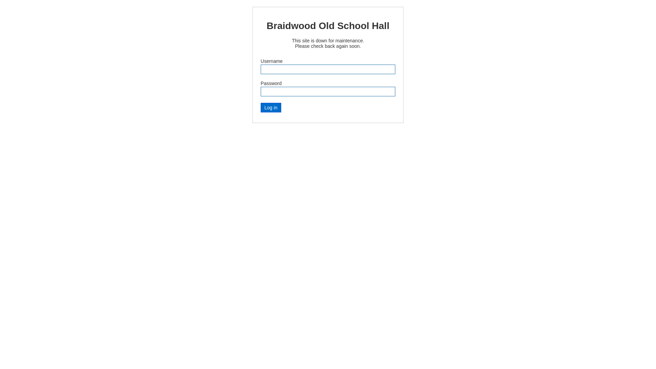  What do you see at coordinates (270, 108) in the screenshot?
I see `'Log in'` at bounding box center [270, 108].